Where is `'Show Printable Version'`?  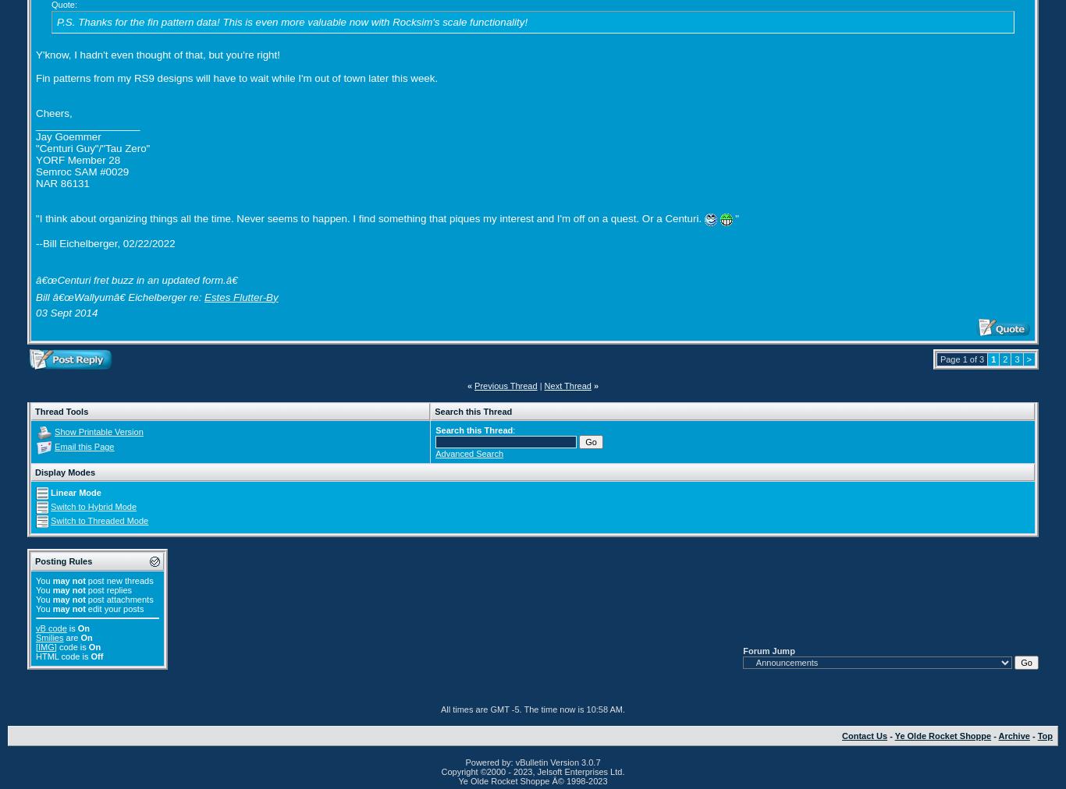
'Show Printable Version' is located at coordinates (98, 430).